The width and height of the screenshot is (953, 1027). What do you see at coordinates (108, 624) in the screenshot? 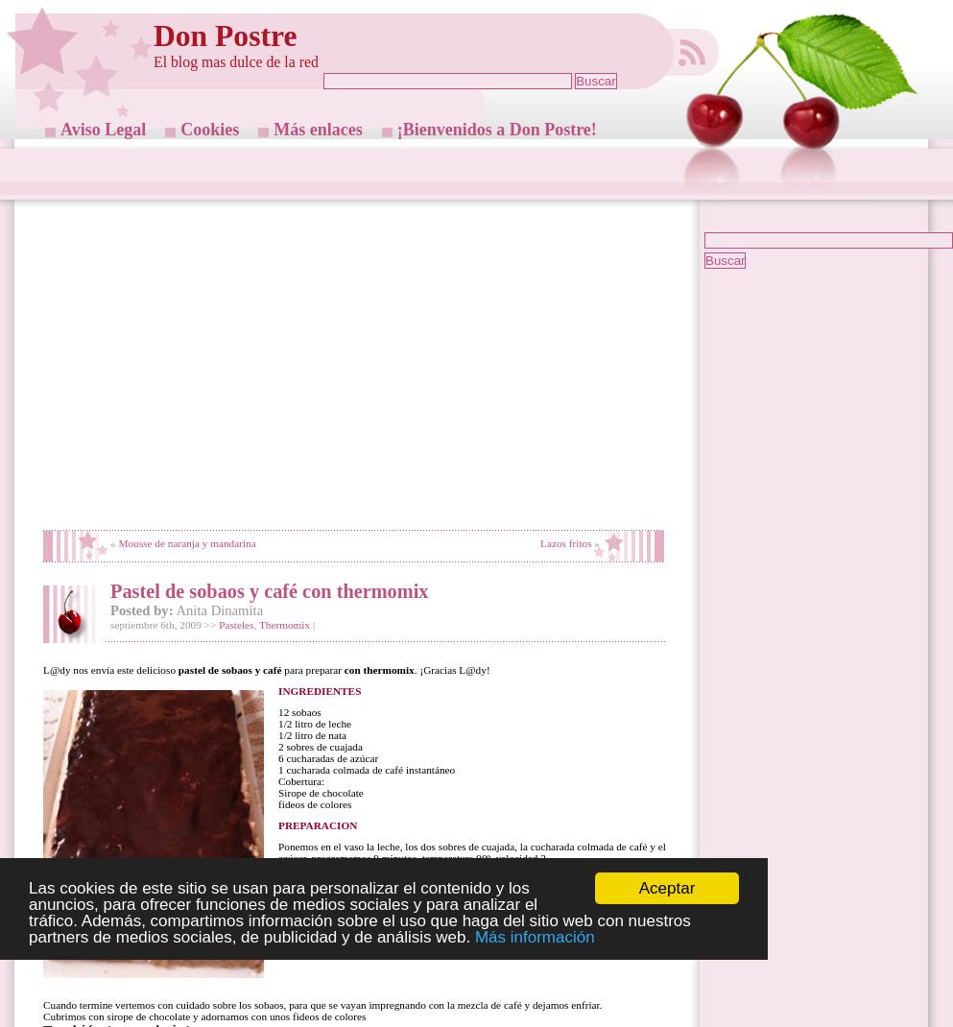
I see `'septiembre 6th, 2009 >>'` at bounding box center [108, 624].